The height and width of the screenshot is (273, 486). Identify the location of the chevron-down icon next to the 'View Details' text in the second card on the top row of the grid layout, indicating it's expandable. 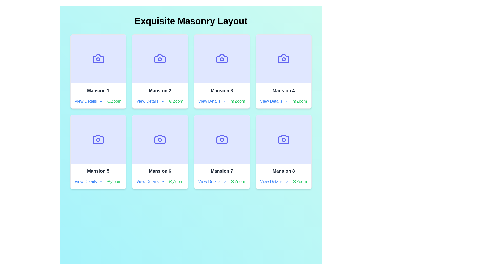
(101, 101).